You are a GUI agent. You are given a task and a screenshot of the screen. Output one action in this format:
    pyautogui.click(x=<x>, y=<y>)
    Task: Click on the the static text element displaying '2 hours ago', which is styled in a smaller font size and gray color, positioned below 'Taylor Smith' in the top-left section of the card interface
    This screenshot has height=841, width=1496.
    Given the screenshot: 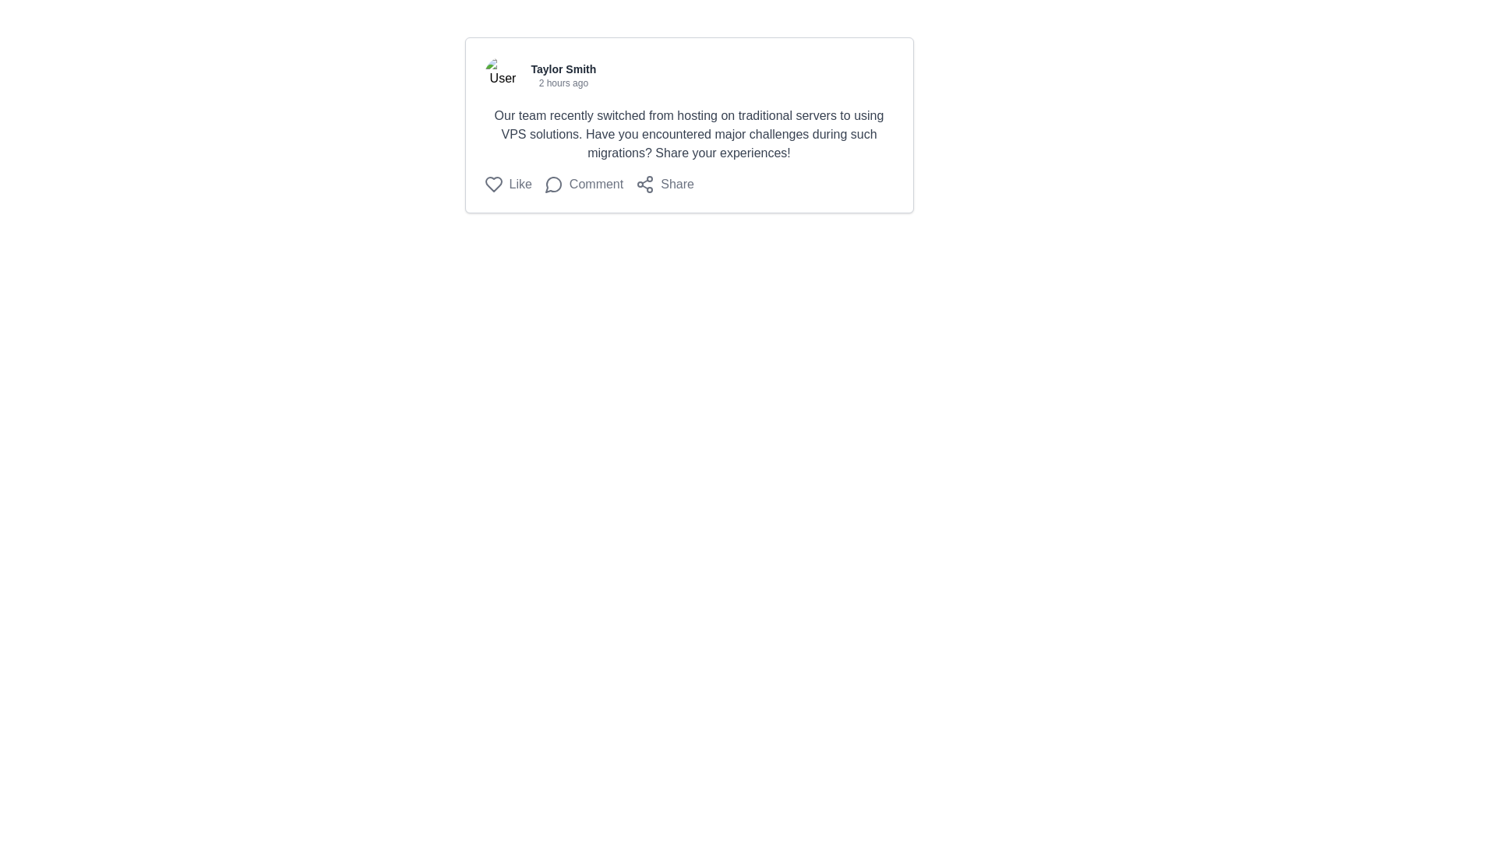 What is the action you would take?
    pyautogui.click(x=563, y=83)
    